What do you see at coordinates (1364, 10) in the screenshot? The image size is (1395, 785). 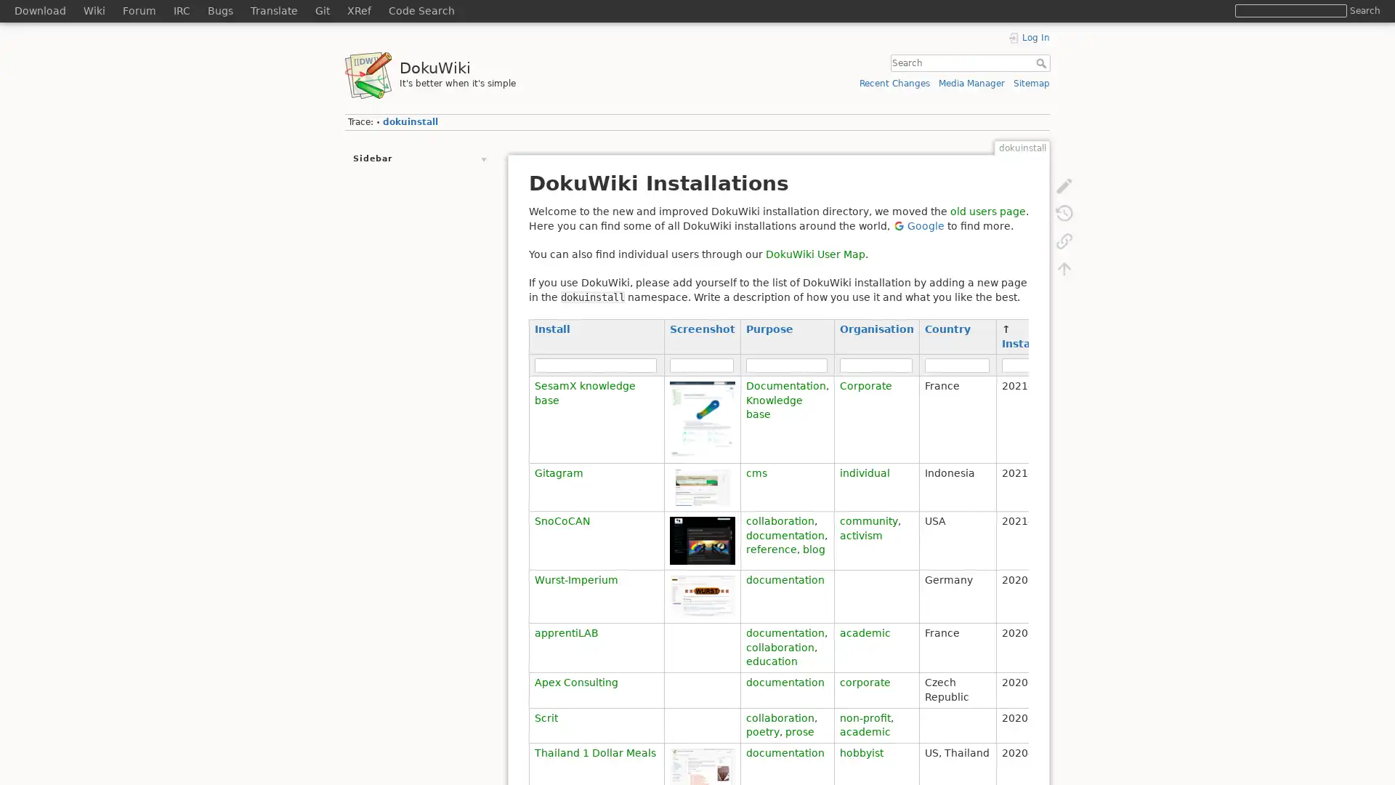 I see `Search` at bounding box center [1364, 10].